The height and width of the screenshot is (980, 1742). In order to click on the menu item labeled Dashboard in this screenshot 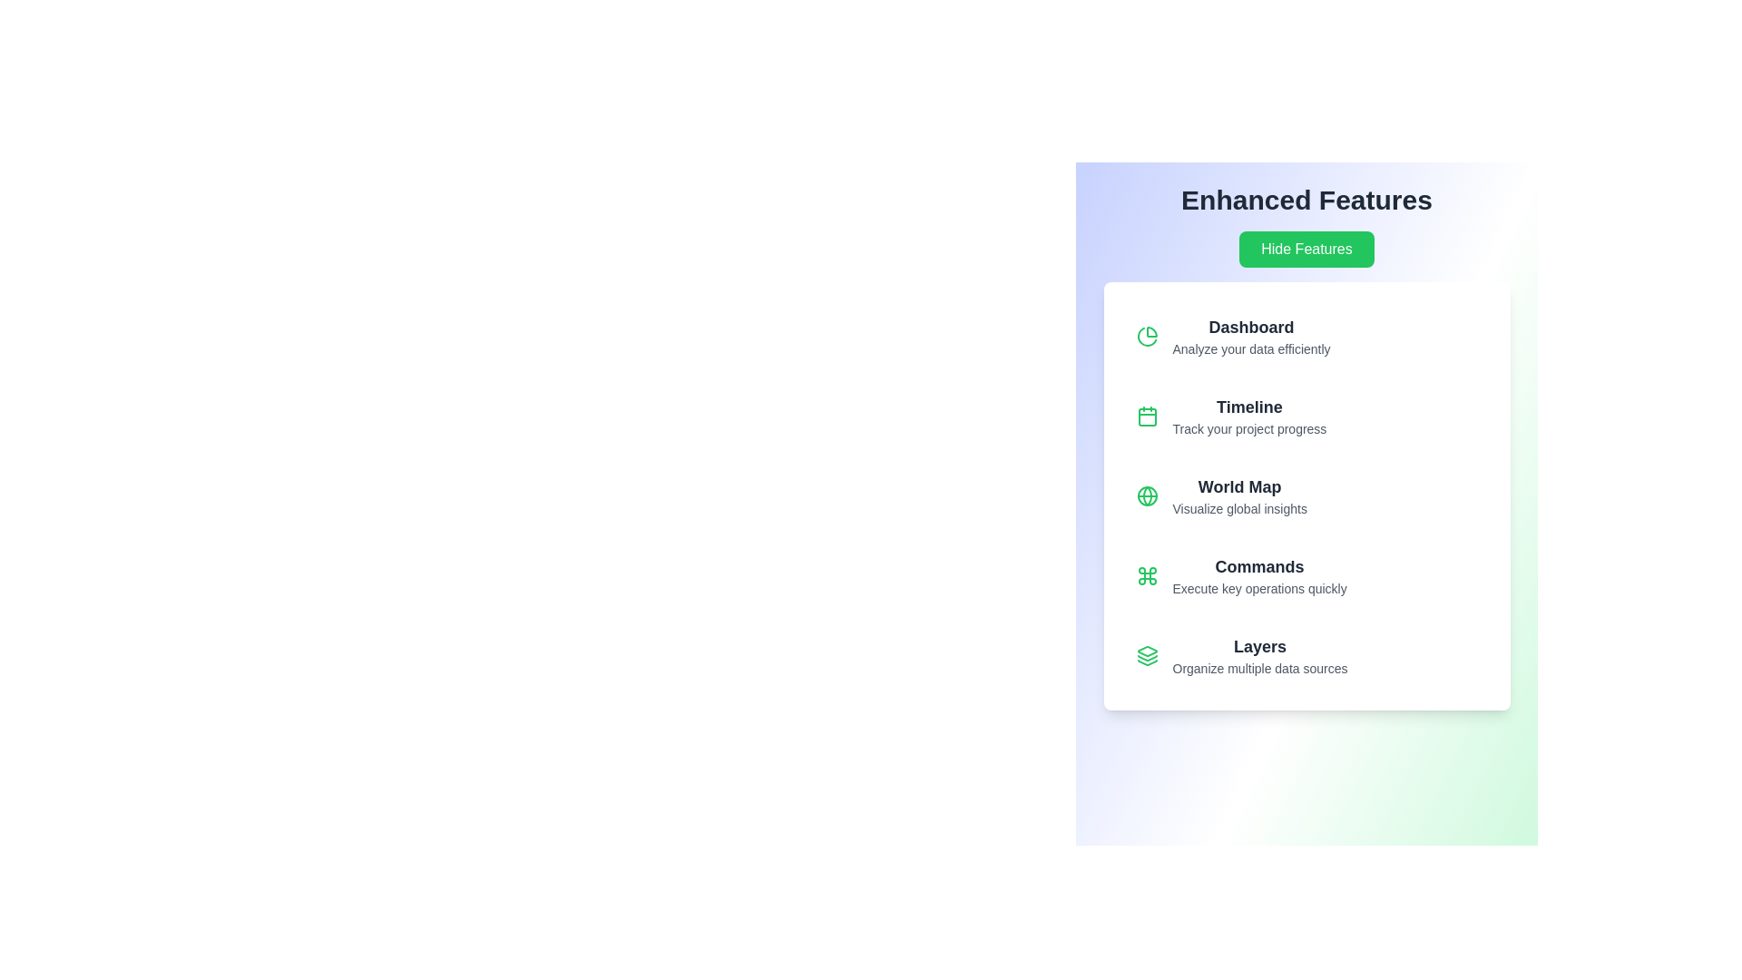, I will do `click(1306, 336)`.